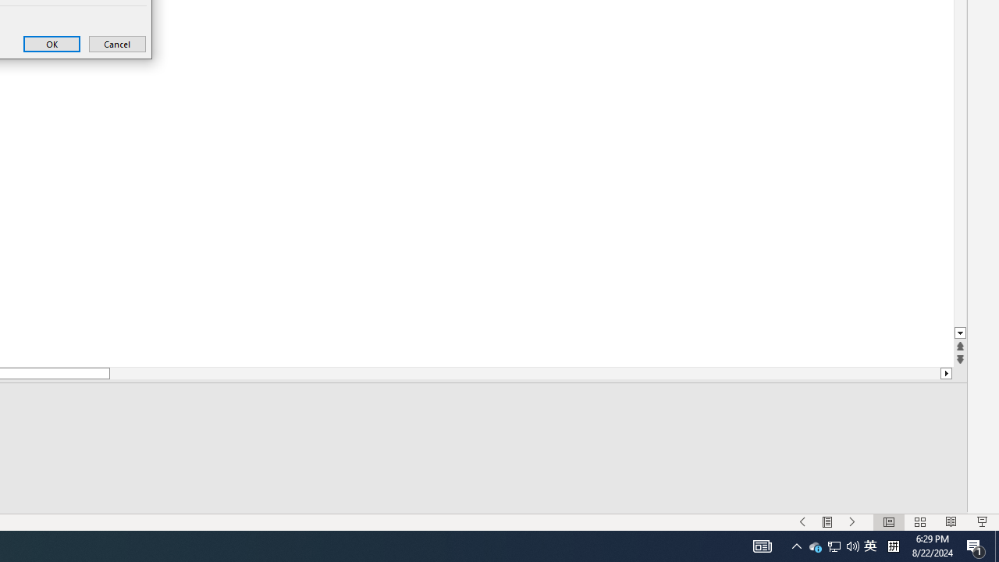 The height and width of the screenshot is (562, 999). I want to click on 'OK', so click(52, 43).